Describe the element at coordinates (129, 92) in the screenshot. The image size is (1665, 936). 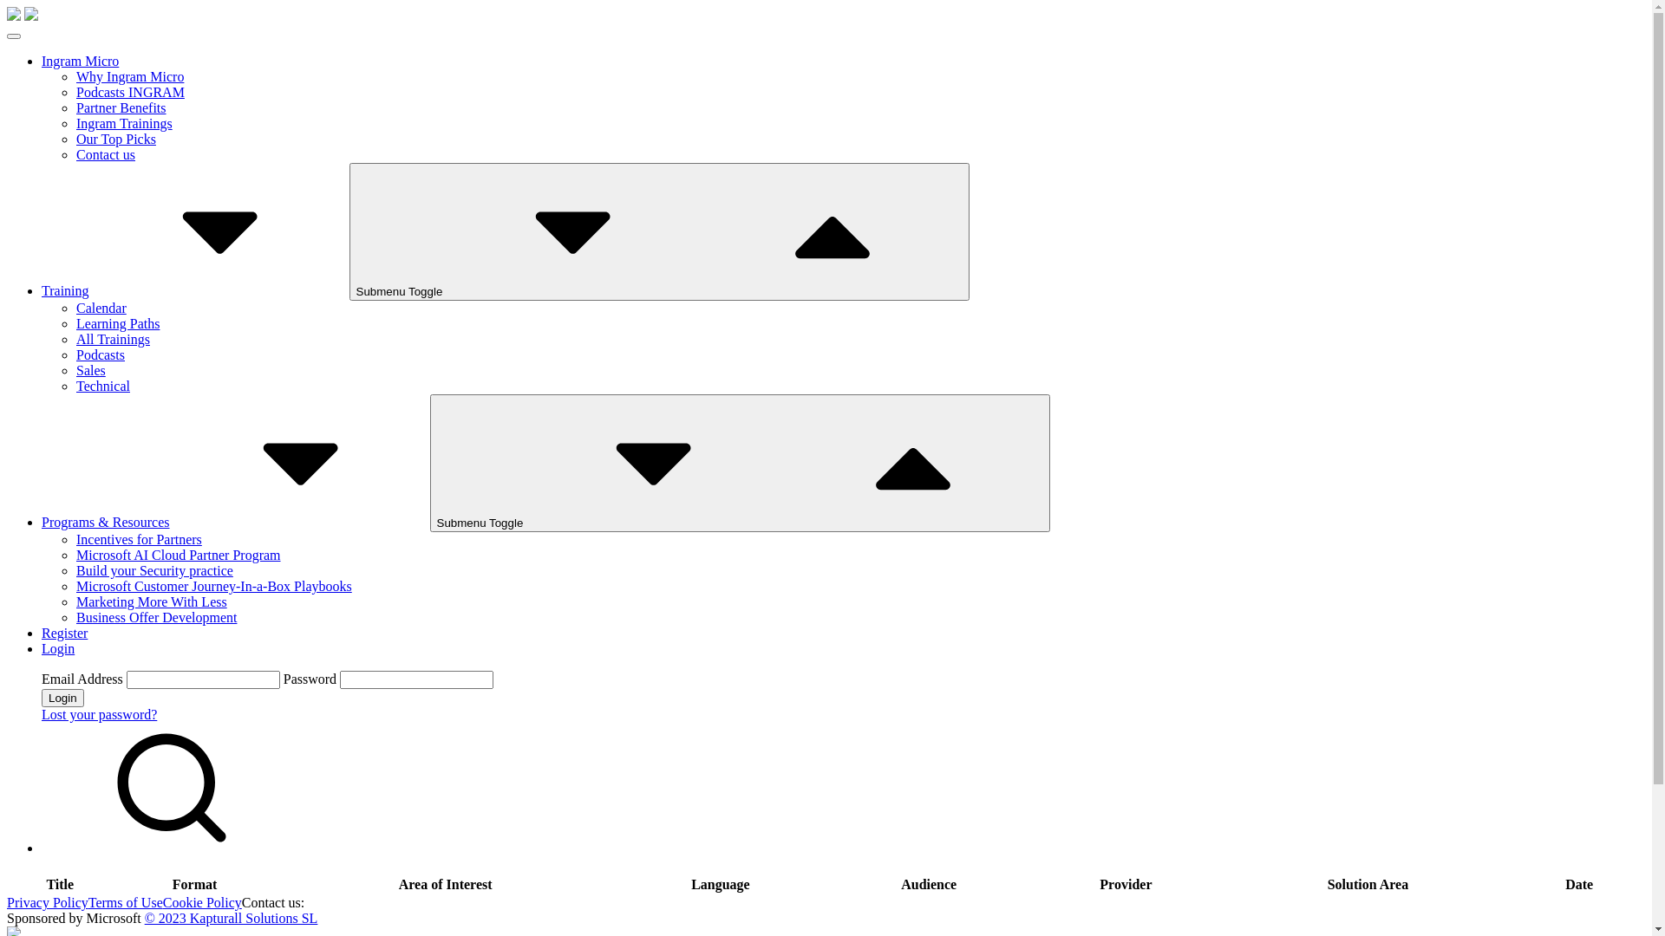
I see `'Podcasts INGRAM'` at that location.